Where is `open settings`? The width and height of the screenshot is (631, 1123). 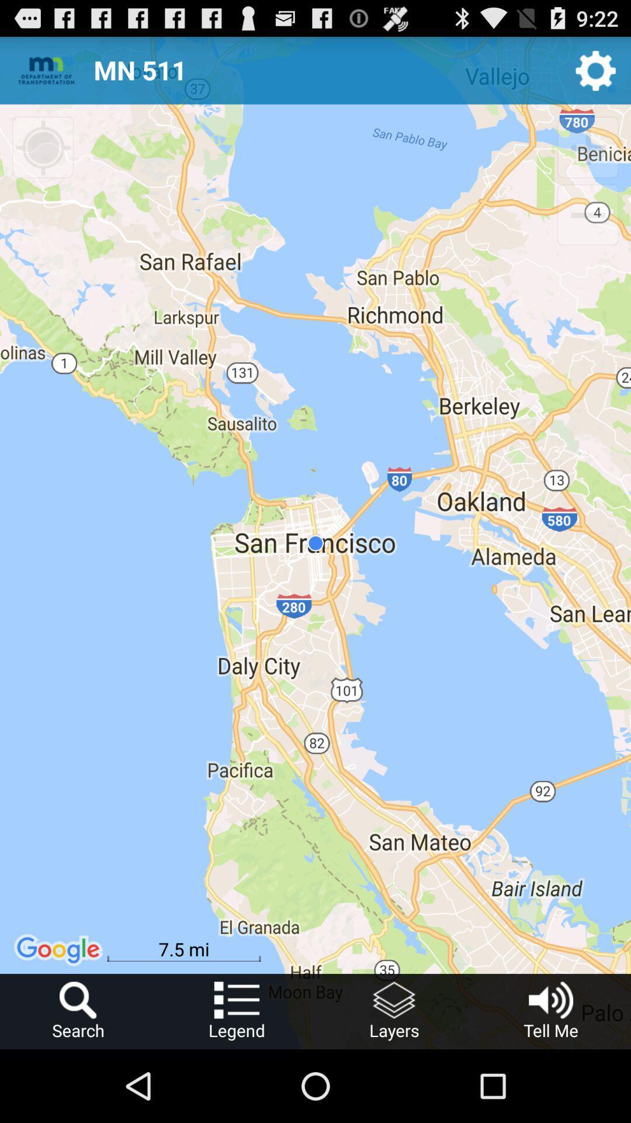
open settings is located at coordinates (595, 70).